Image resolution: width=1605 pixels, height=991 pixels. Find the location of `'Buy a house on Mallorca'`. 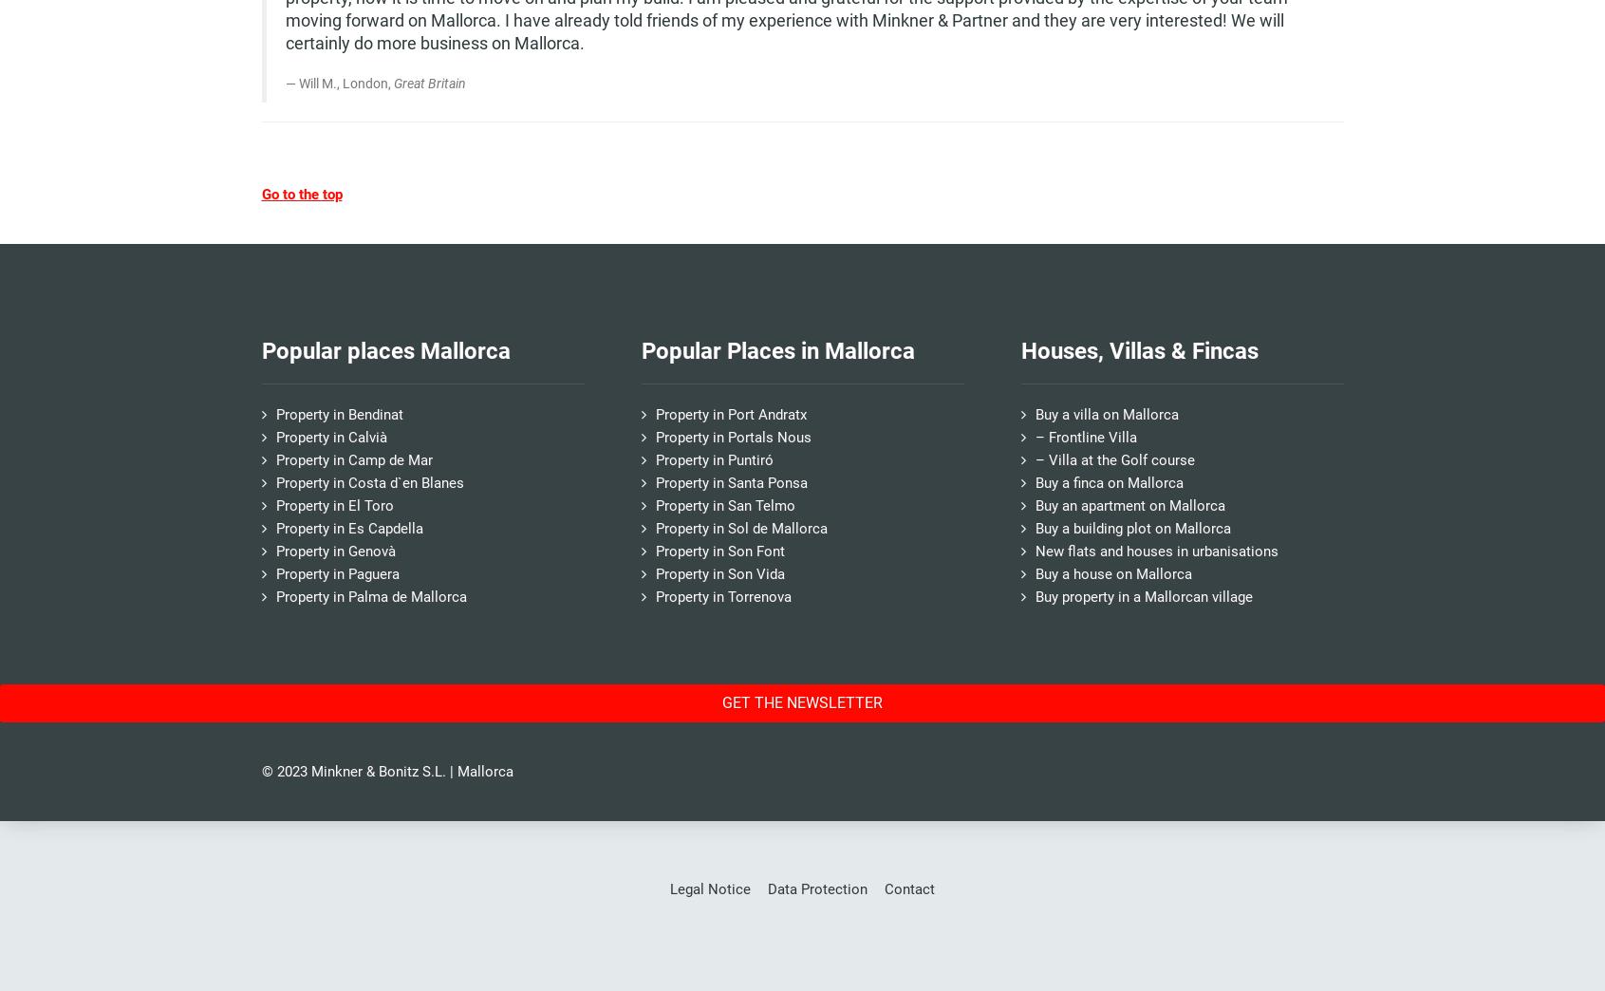

'Buy a house on Mallorca' is located at coordinates (1112, 572).